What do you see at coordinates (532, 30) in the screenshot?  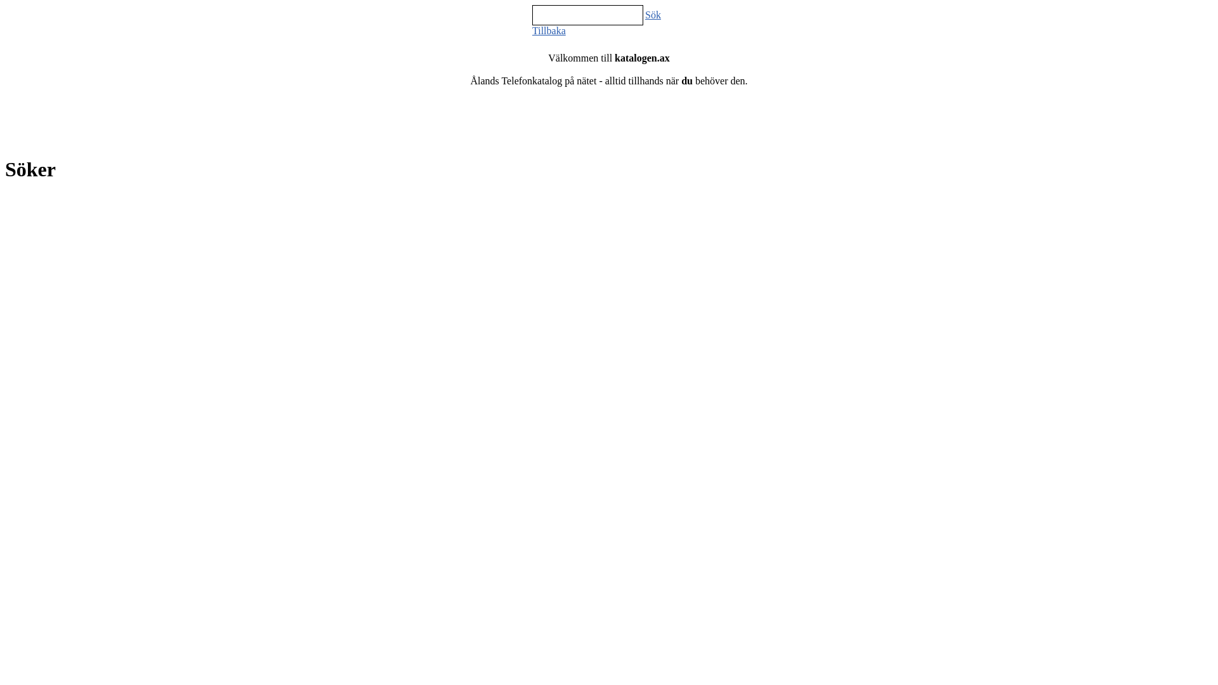 I see `'Tillbaka'` at bounding box center [532, 30].